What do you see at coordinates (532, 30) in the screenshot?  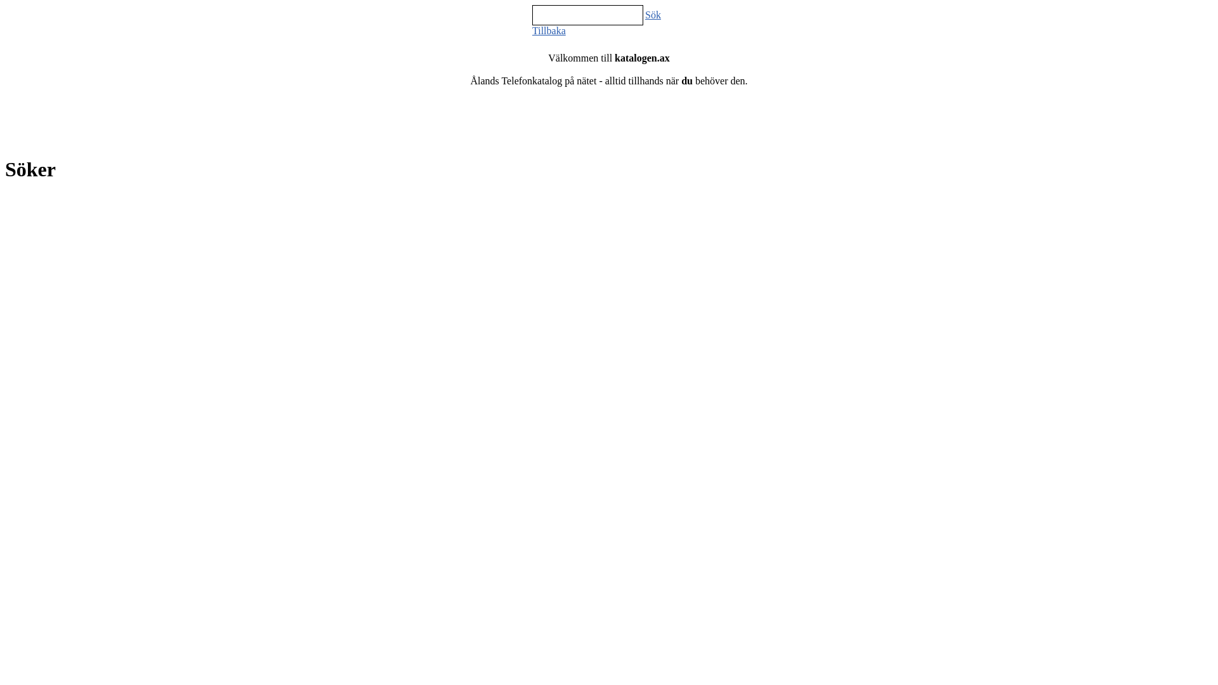 I see `'Tillbaka'` at bounding box center [532, 30].